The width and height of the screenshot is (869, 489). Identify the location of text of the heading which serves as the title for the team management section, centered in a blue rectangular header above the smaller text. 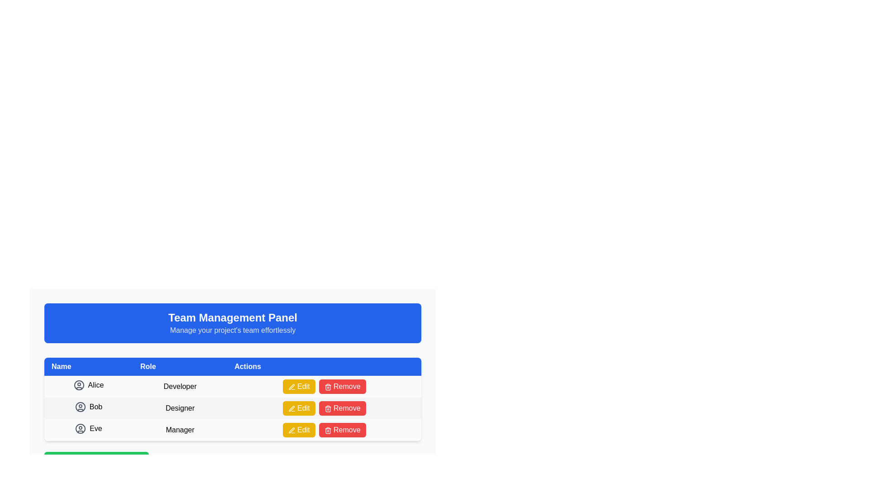
(233, 317).